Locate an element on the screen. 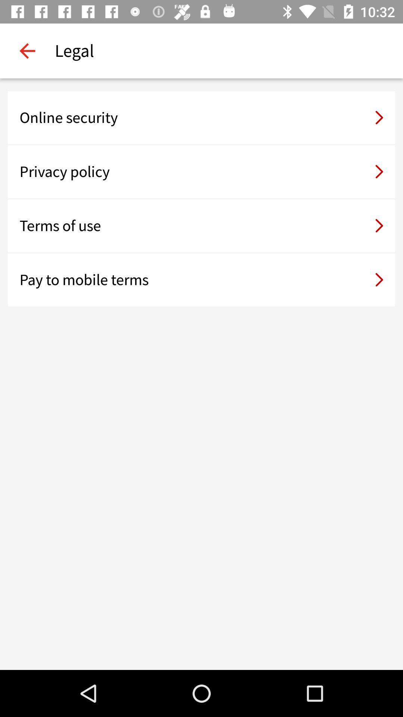 The height and width of the screenshot is (717, 403). item above the terms of use item is located at coordinates (201, 171).